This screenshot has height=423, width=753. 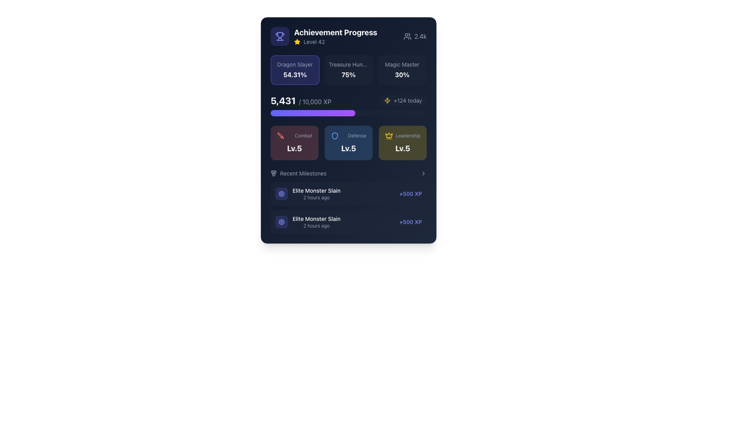 I want to click on text label 'Elite Monster Slain' located in the 'Recent Milestones' section, styled in a white sans-serif font on a dark background, so click(x=316, y=190).